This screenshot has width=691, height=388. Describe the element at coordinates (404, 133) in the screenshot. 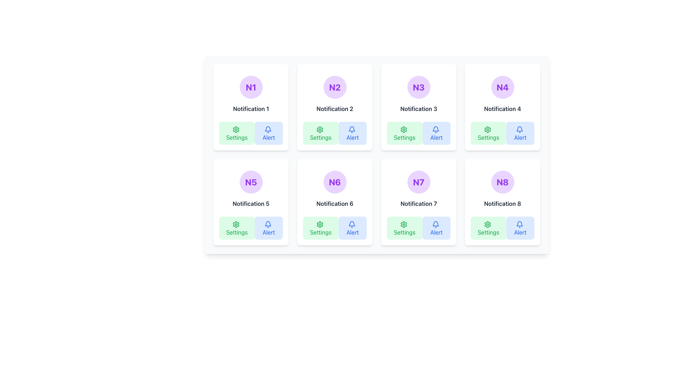

I see `the 'Settings' button with a light green background and gear icon, located in the top row, third column under the 'Notification 3' section` at that location.